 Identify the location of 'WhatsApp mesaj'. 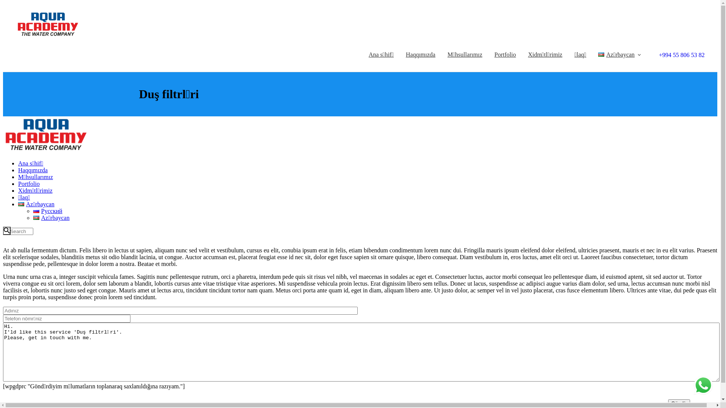
(703, 385).